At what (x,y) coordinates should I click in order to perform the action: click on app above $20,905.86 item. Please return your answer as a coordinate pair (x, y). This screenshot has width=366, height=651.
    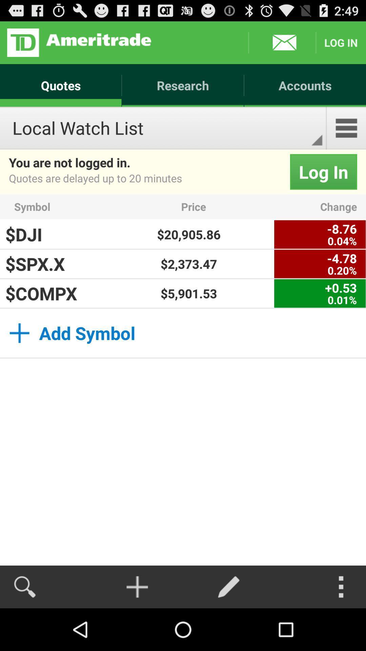
    Looking at the image, I should click on (226, 206).